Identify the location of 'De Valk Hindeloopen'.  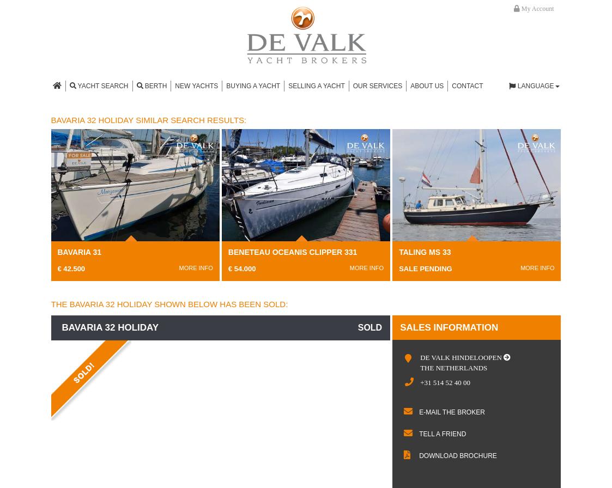
(460, 357).